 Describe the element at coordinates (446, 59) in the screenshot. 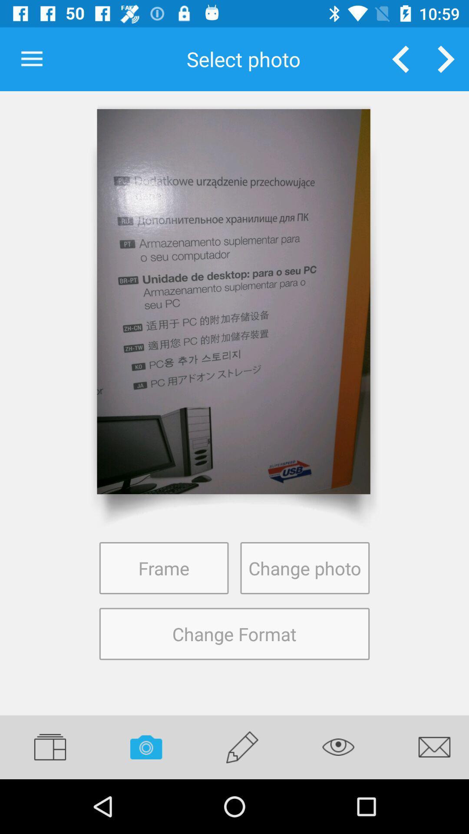

I see `forward` at that location.